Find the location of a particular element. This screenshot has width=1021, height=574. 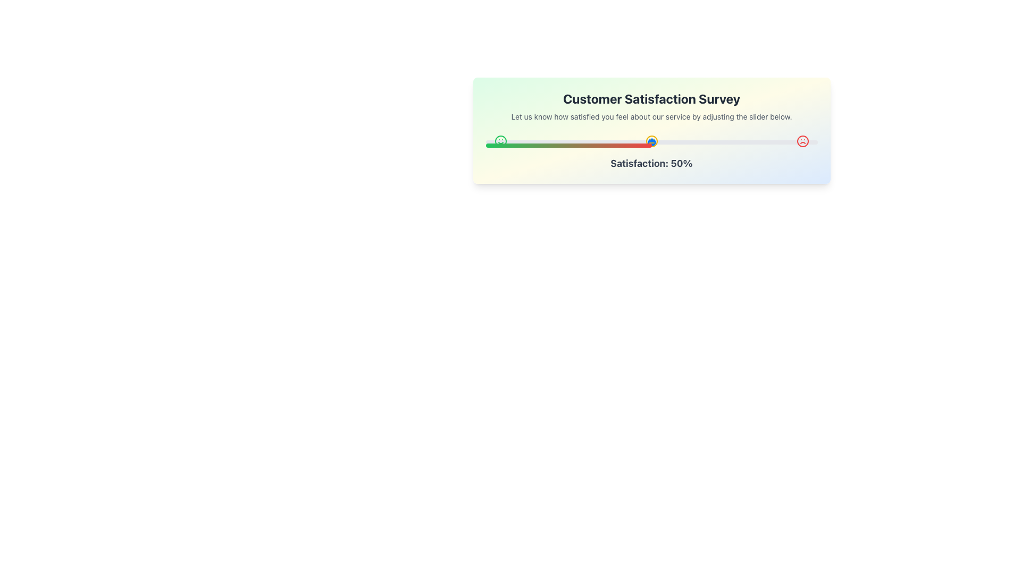

satisfaction level is located at coordinates (539, 141).